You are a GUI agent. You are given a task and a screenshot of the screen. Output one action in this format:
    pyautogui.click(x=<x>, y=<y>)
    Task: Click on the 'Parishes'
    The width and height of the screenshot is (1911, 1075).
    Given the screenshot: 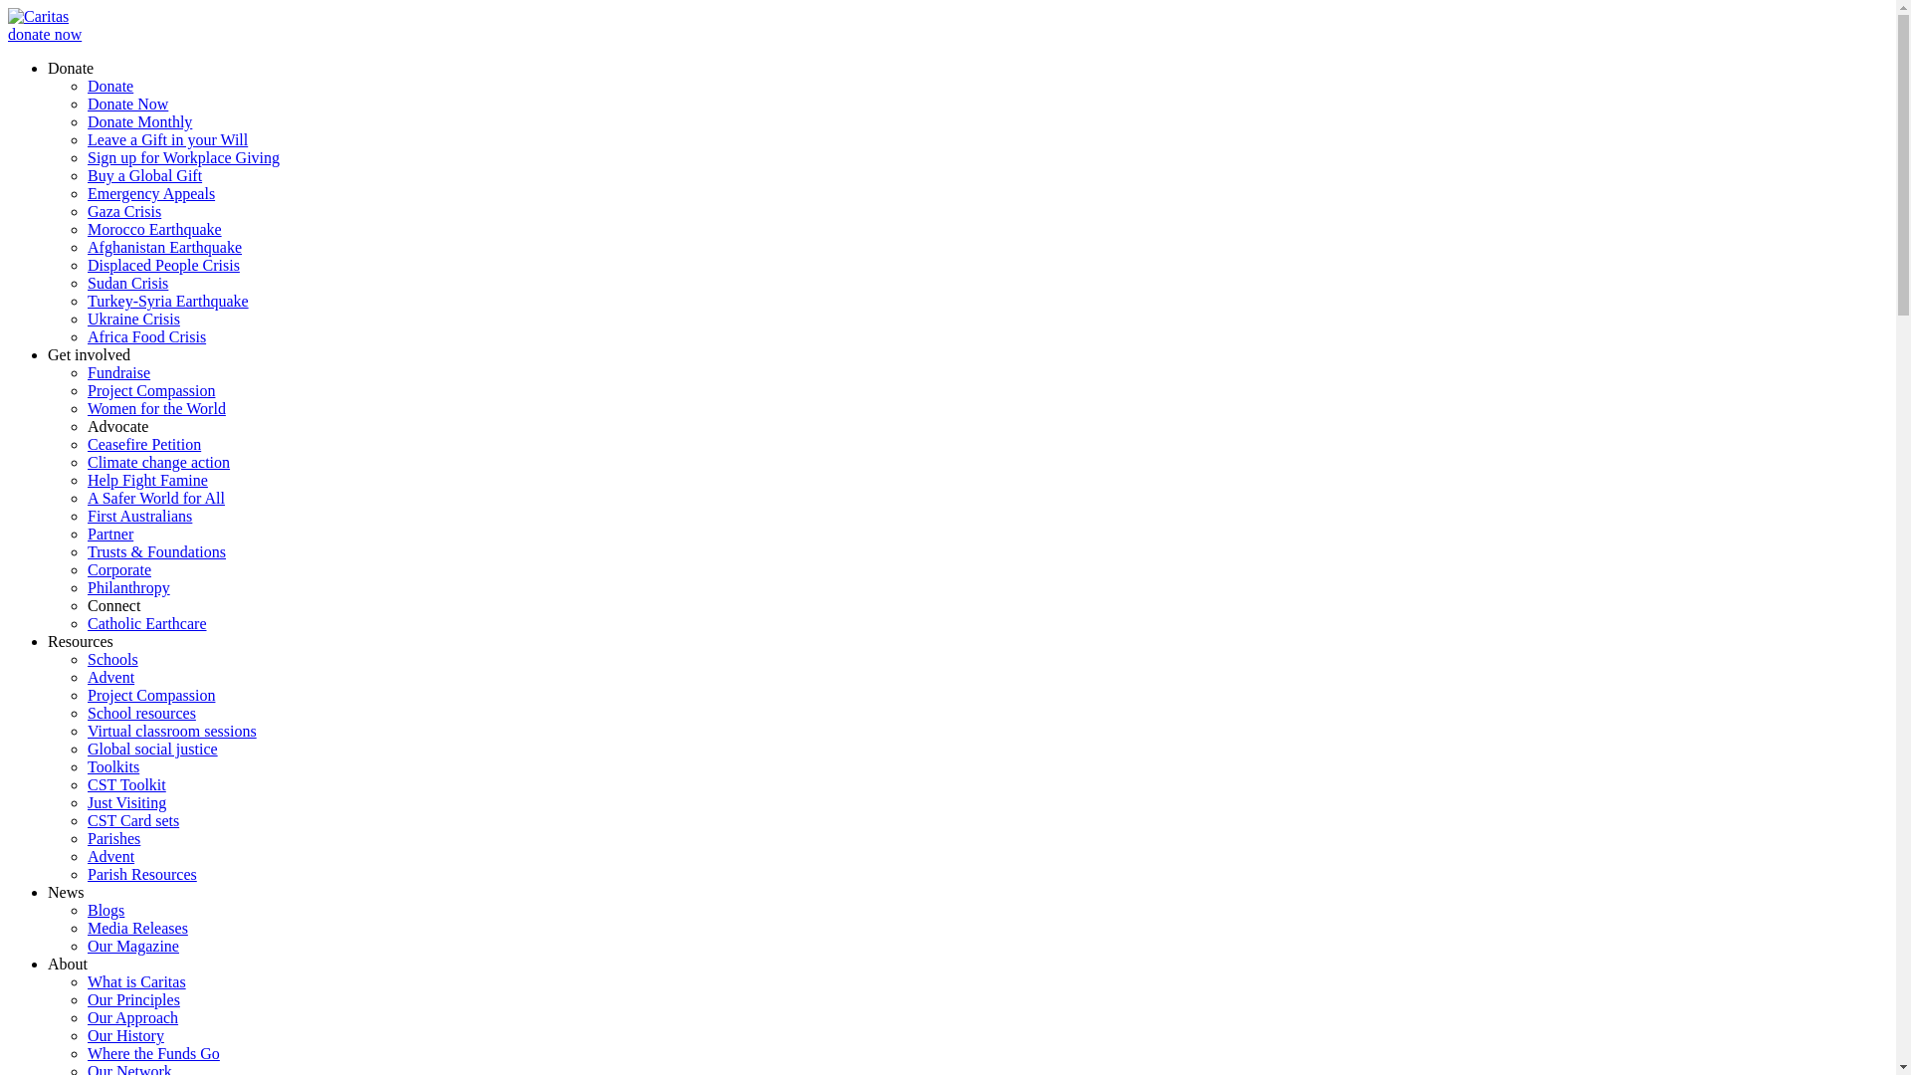 What is the action you would take?
    pyautogui.click(x=112, y=838)
    